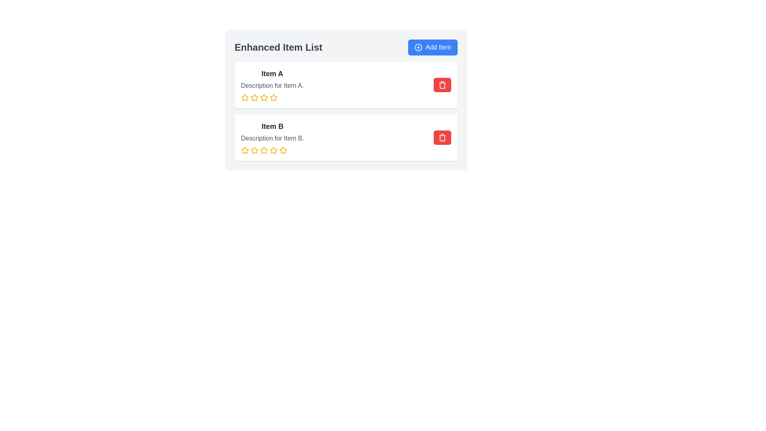  I want to click on the fifth yellow outline star icon in the rating row for 'Item B', located below its description text, so click(283, 150).